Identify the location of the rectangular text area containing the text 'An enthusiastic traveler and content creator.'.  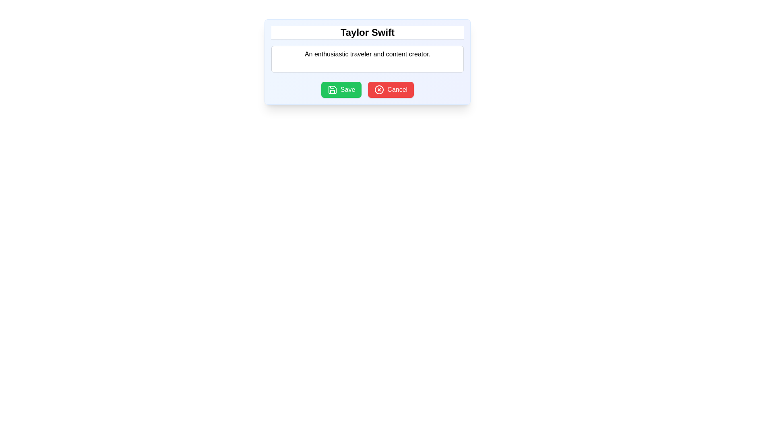
(367, 58).